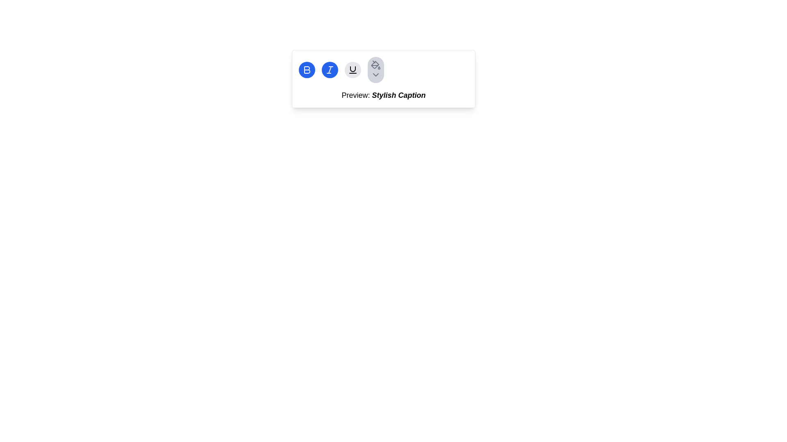 This screenshot has width=787, height=442. What do you see at coordinates (306, 69) in the screenshot?
I see `the bold text formatting button, which is a circular icon with a blue background and a white outlined 'B' inside, located at the top center of the interface` at bounding box center [306, 69].